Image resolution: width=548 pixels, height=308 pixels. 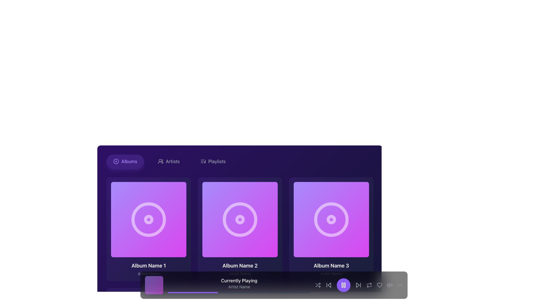 I want to click on the button labeled 'Artists', so click(x=169, y=161).